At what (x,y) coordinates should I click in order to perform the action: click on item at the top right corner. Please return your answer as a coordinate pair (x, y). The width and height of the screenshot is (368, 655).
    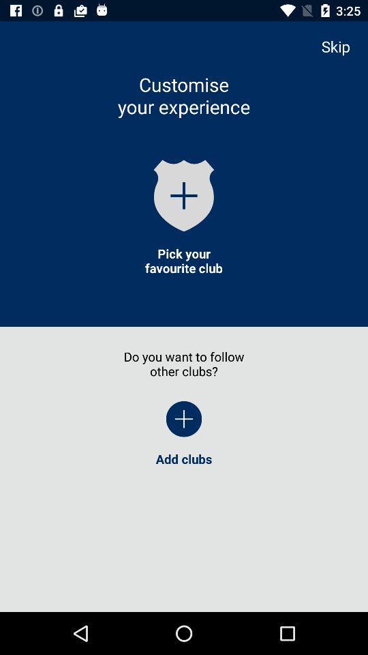
    Looking at the image, I should click on (341, 46).